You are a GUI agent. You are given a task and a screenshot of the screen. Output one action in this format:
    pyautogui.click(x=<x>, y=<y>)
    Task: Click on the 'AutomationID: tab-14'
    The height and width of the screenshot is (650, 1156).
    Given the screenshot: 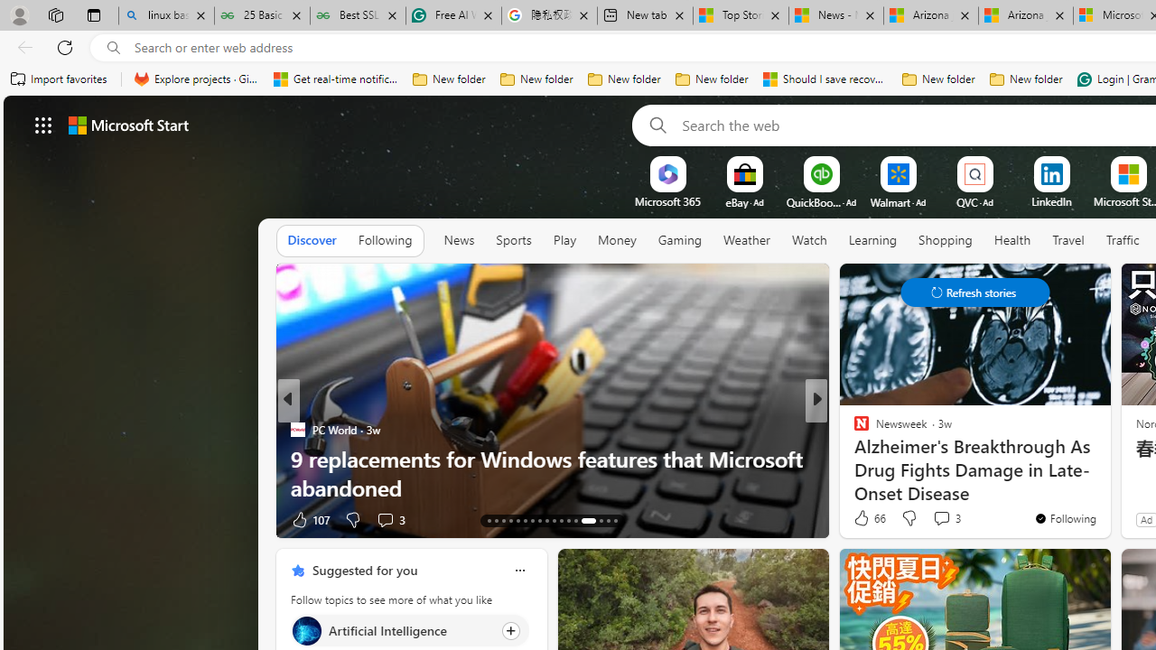 What is the action you would take?
    pyautogui.click(x=496, y=521)
    